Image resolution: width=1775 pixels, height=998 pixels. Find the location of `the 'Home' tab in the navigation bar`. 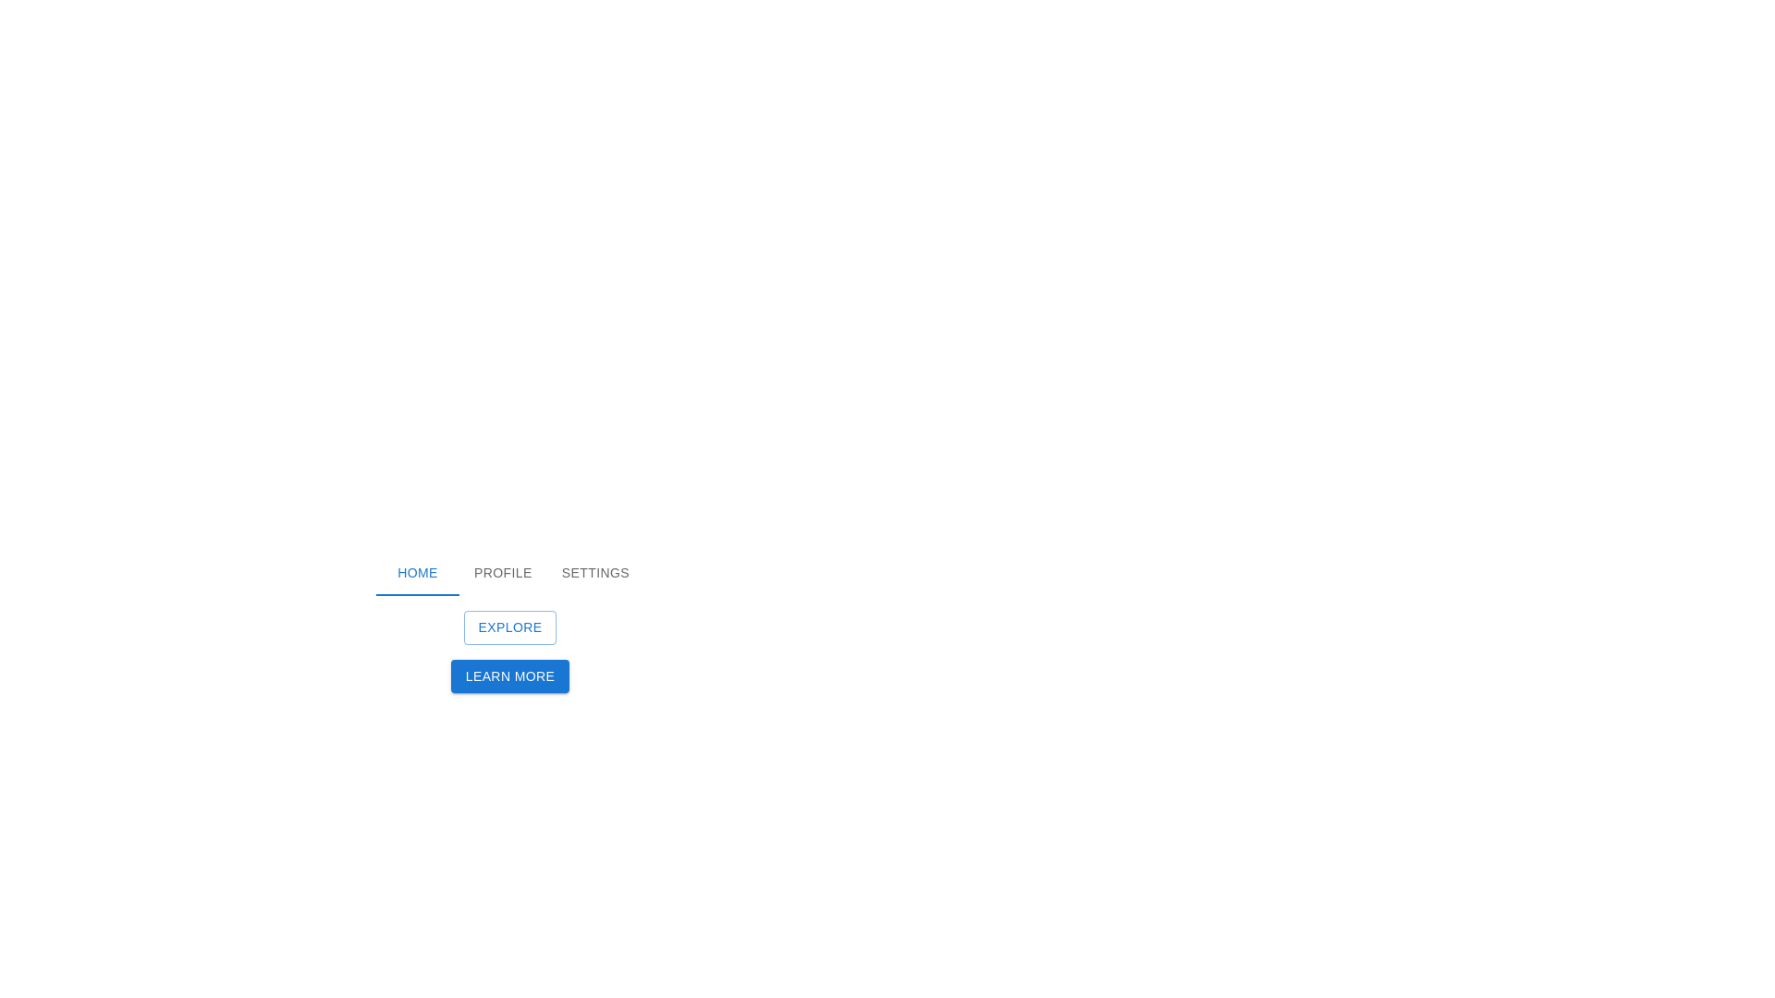

the 'Home' tab in the navigation bar is located at coordinates (416, 573).